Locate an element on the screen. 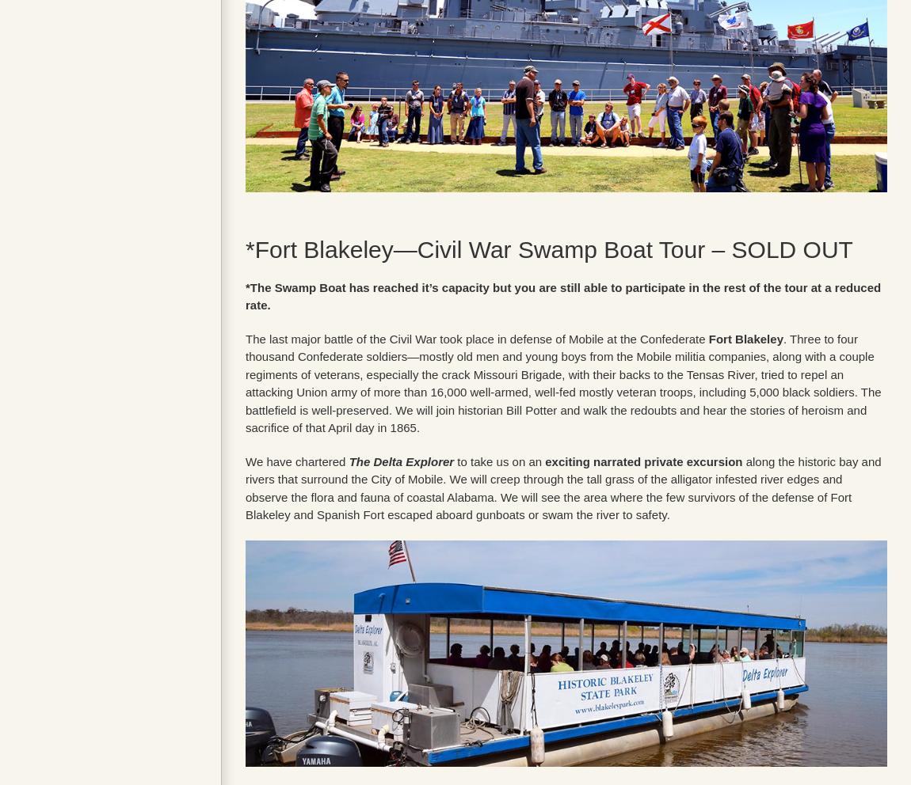 This screenshot has height=785, width=911. 'to take us on an' is located at coordinates (498, 460).